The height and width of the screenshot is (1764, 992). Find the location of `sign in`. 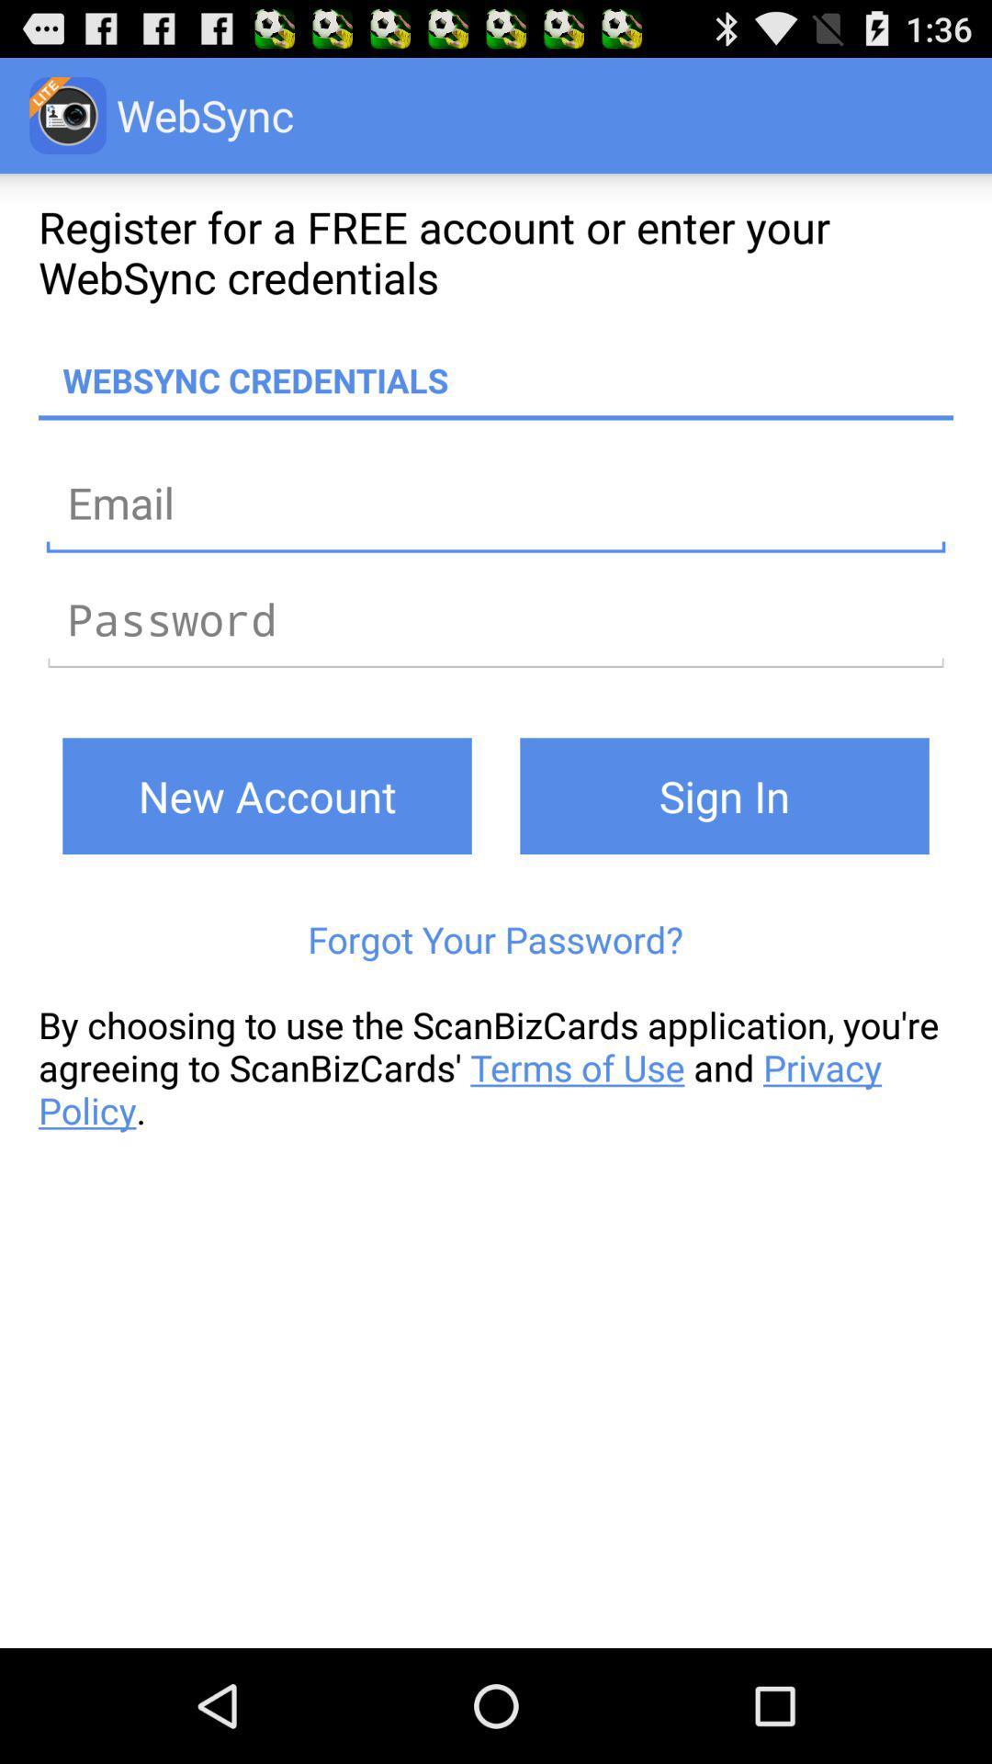

sign in is located at coordinates (724, 796).